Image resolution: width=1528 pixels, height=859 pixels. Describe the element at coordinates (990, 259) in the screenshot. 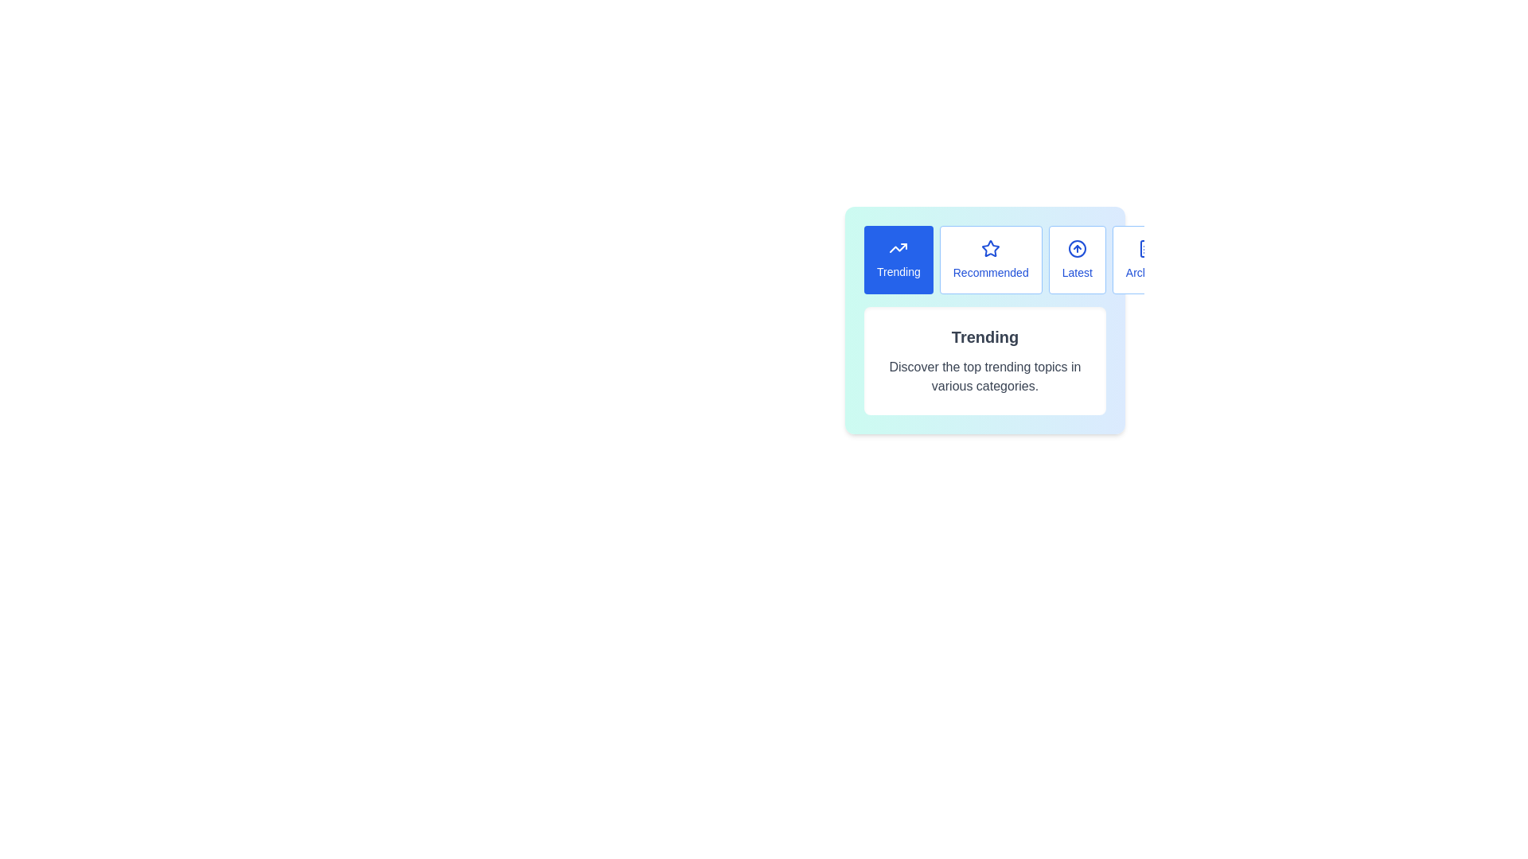

I see `the button labeled Recommended` at that location.